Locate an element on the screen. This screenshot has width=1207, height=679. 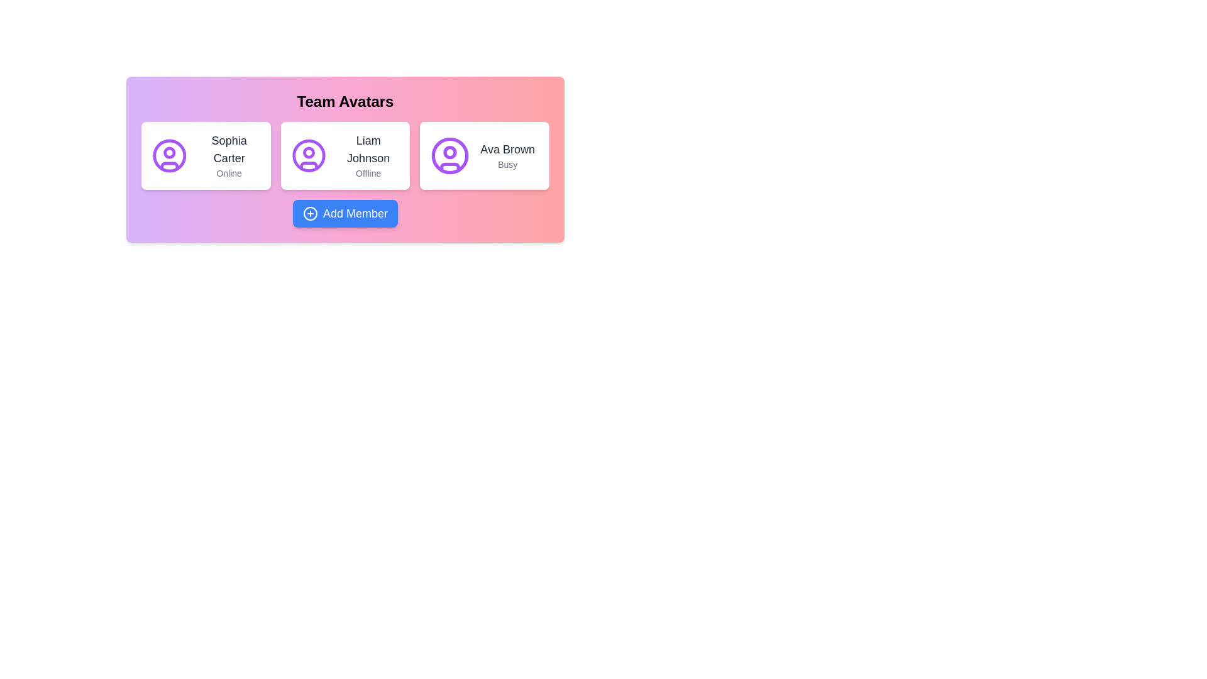
the Text element that serves as the heading for the team members section, positioned centrally at the top and above the list of team members and the 'Add Member' button is located at coordinates (345, 101).